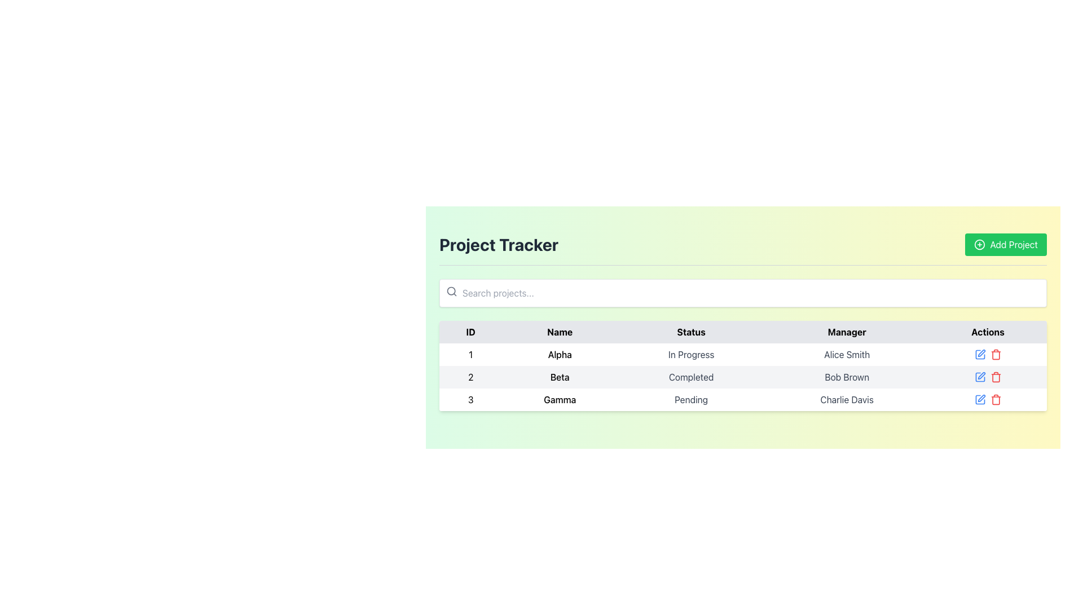  I want to click on the text present in the first data row of the table, which is configured for ID '1', so click(743, 354).